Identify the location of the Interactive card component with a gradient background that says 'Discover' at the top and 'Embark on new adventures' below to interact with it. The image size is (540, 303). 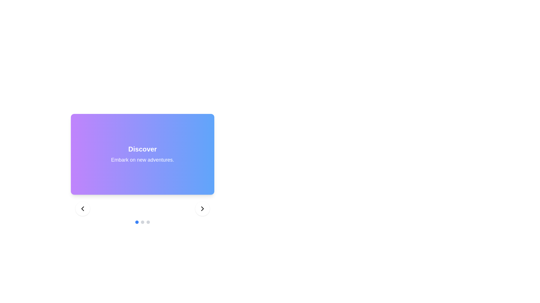
(143, 161).